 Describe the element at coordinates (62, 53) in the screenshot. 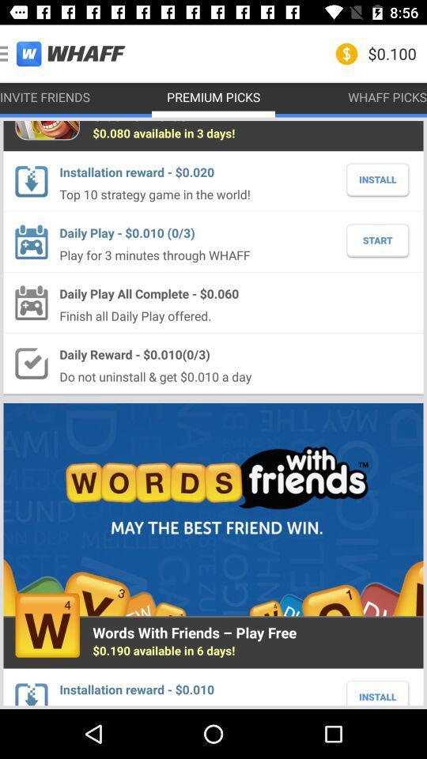

I see `the icon to the left of premium picks` at that location.